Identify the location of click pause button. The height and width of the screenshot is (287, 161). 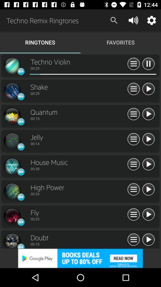
(134, 189).